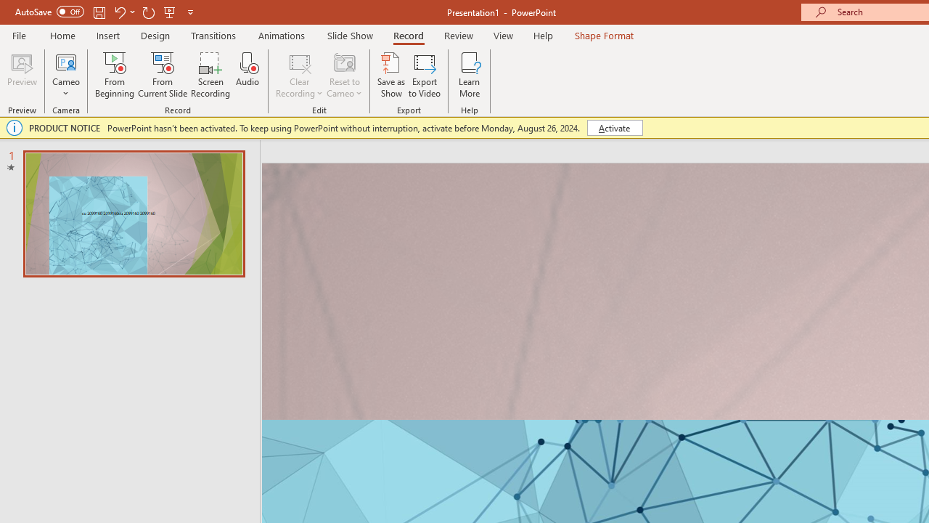  Describe the element at coordinates (424, 75) in the screenshot. I see `'Export to Video'` at that location.